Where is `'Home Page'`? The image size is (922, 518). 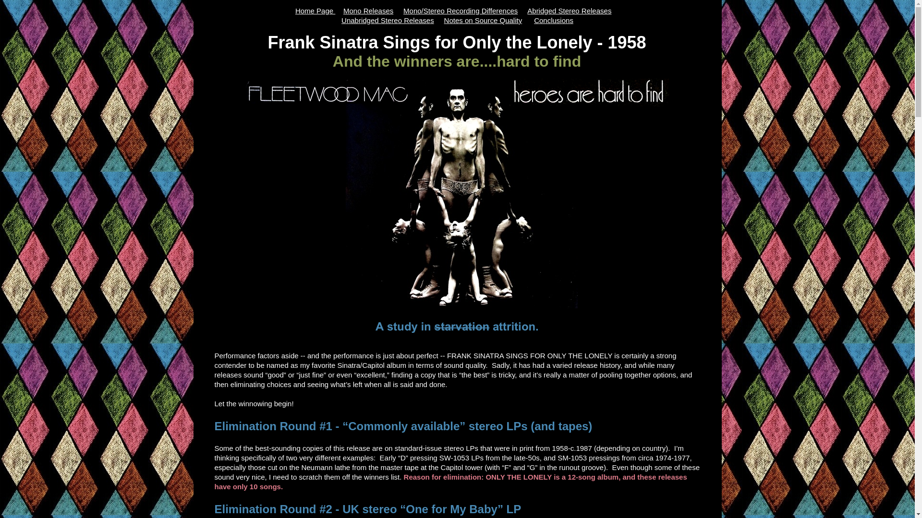 'Home Page' is located at coordinates (315, 11).